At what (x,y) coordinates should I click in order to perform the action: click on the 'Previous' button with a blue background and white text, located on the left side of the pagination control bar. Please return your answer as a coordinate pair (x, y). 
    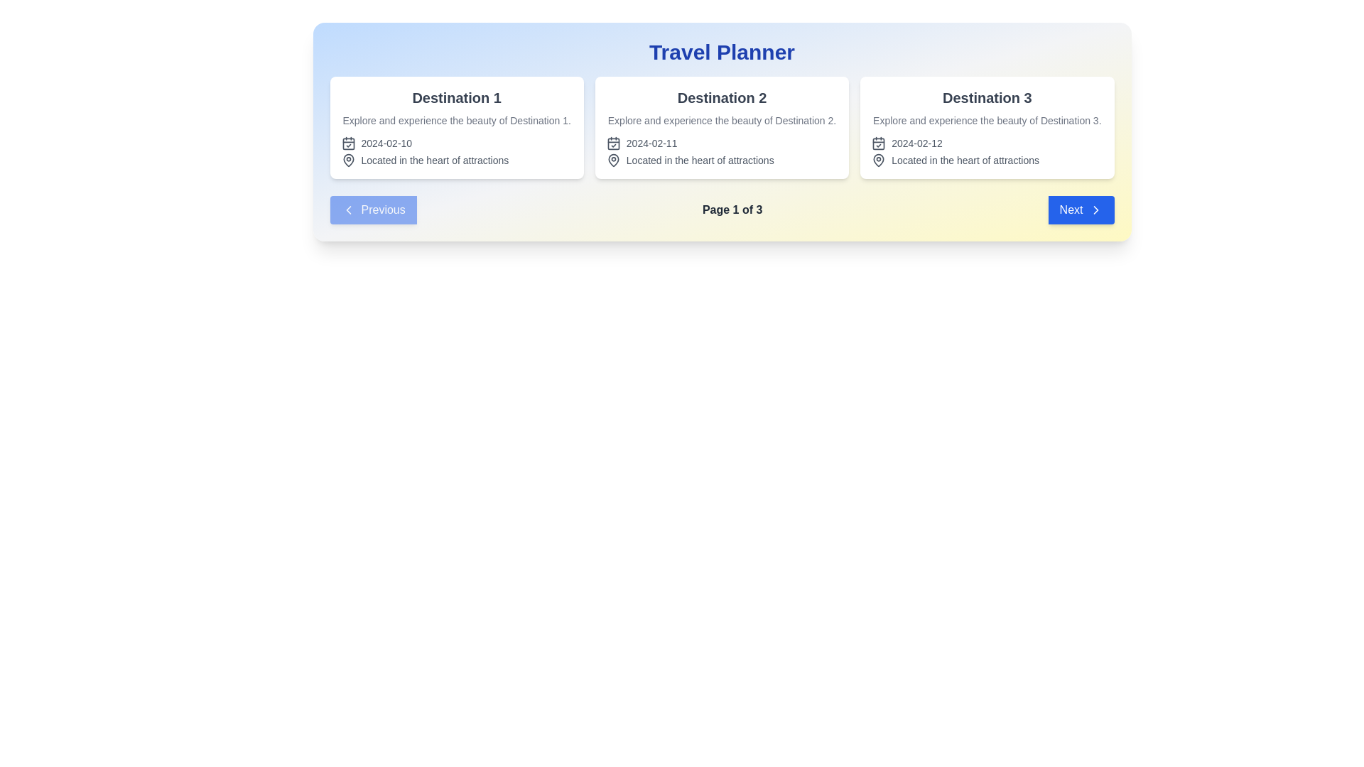
    Looking at the image, I should click on (373, 210).